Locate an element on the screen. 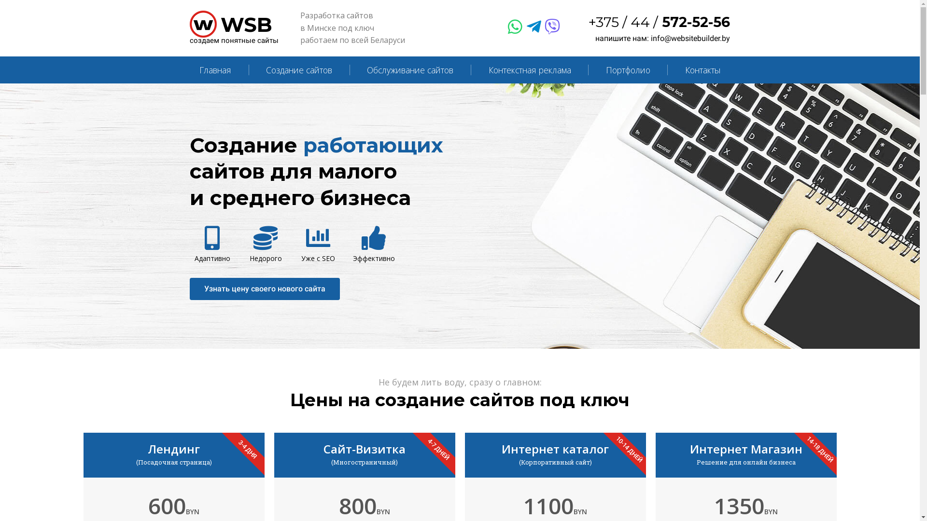  'info@websitebuilder.by' is located at coordinates (651, 38).